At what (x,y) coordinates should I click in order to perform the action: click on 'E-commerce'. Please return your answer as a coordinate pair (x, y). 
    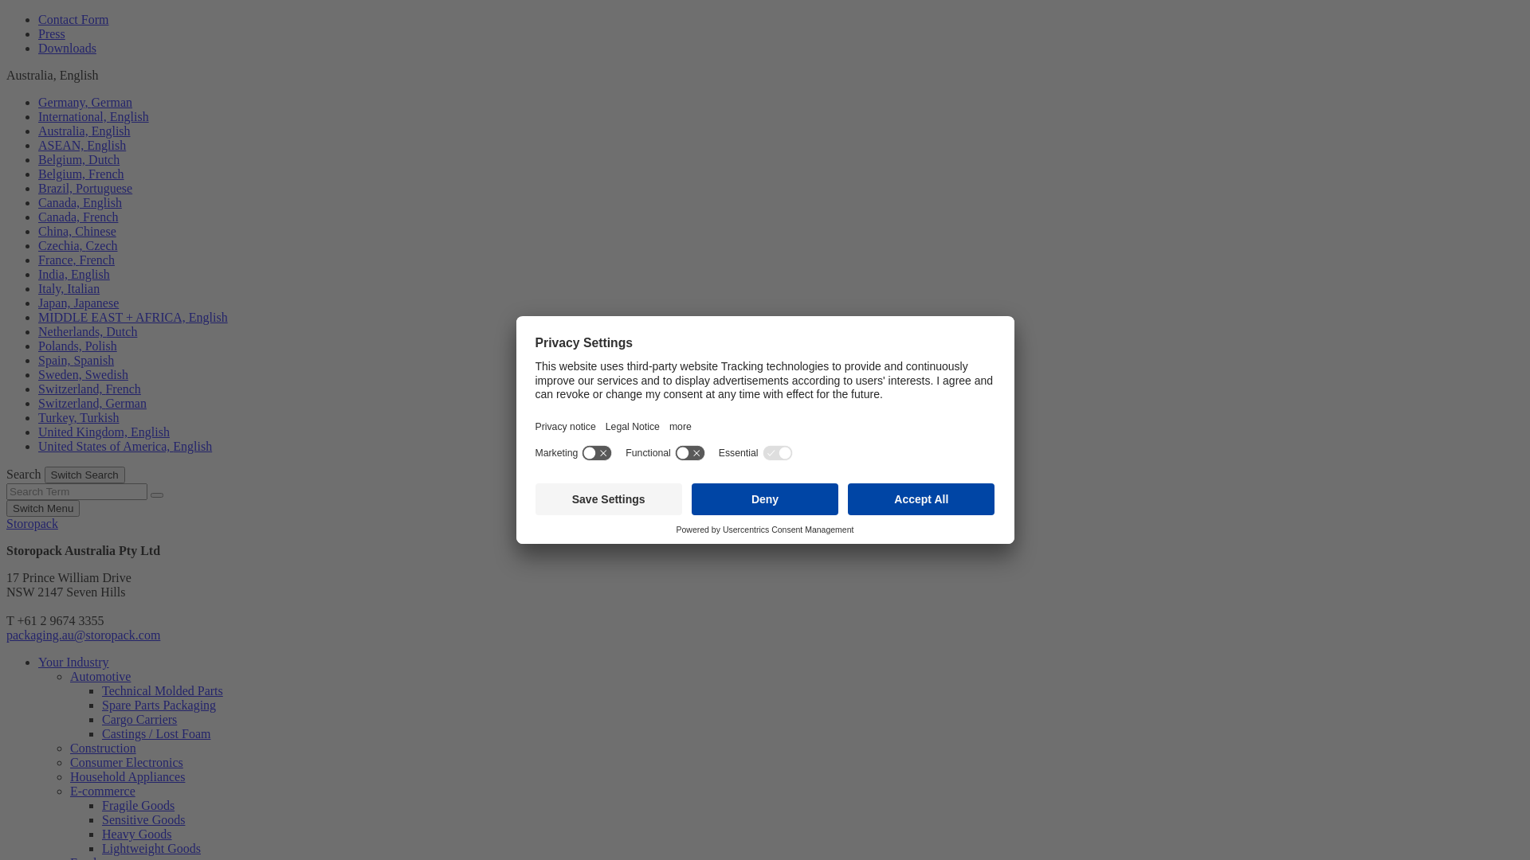
    Looking at the image, I should click on (102, 791).